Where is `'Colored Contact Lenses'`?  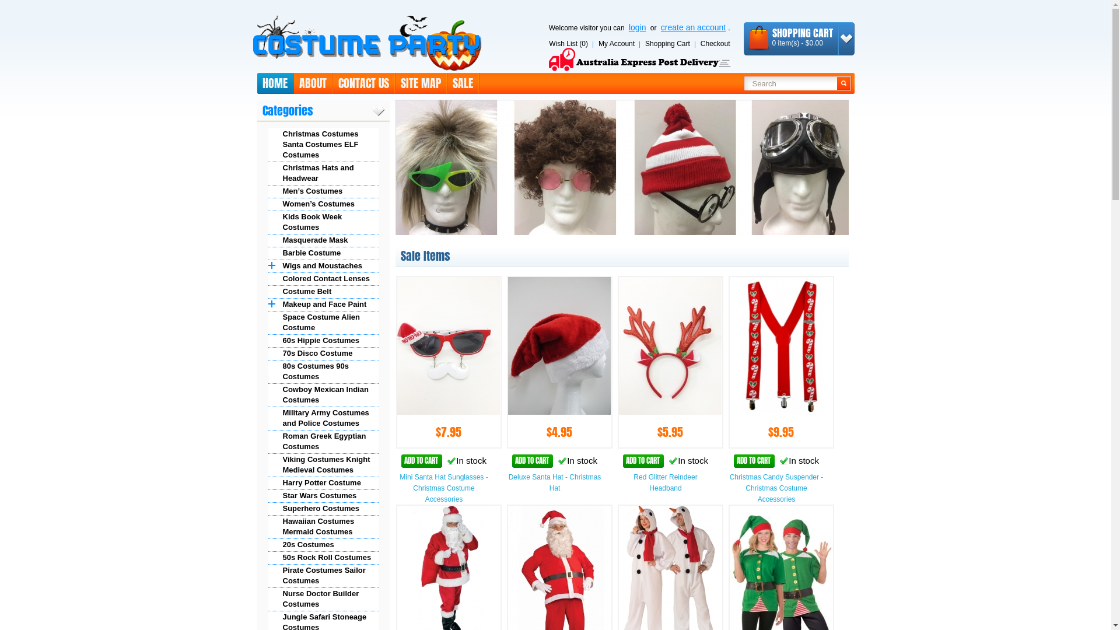 'Colored Contact Lenses' is located at coordinates (268, 279).